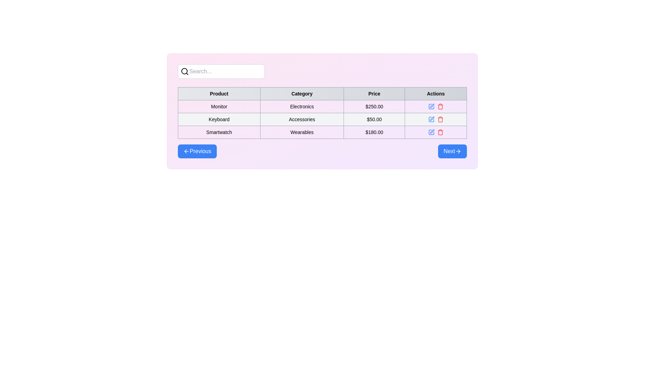  Describe the element at coordinates (197, 151) in the screenshot. I see `the 'Previous' button located at the bottom left corner of the product table card` at that location.